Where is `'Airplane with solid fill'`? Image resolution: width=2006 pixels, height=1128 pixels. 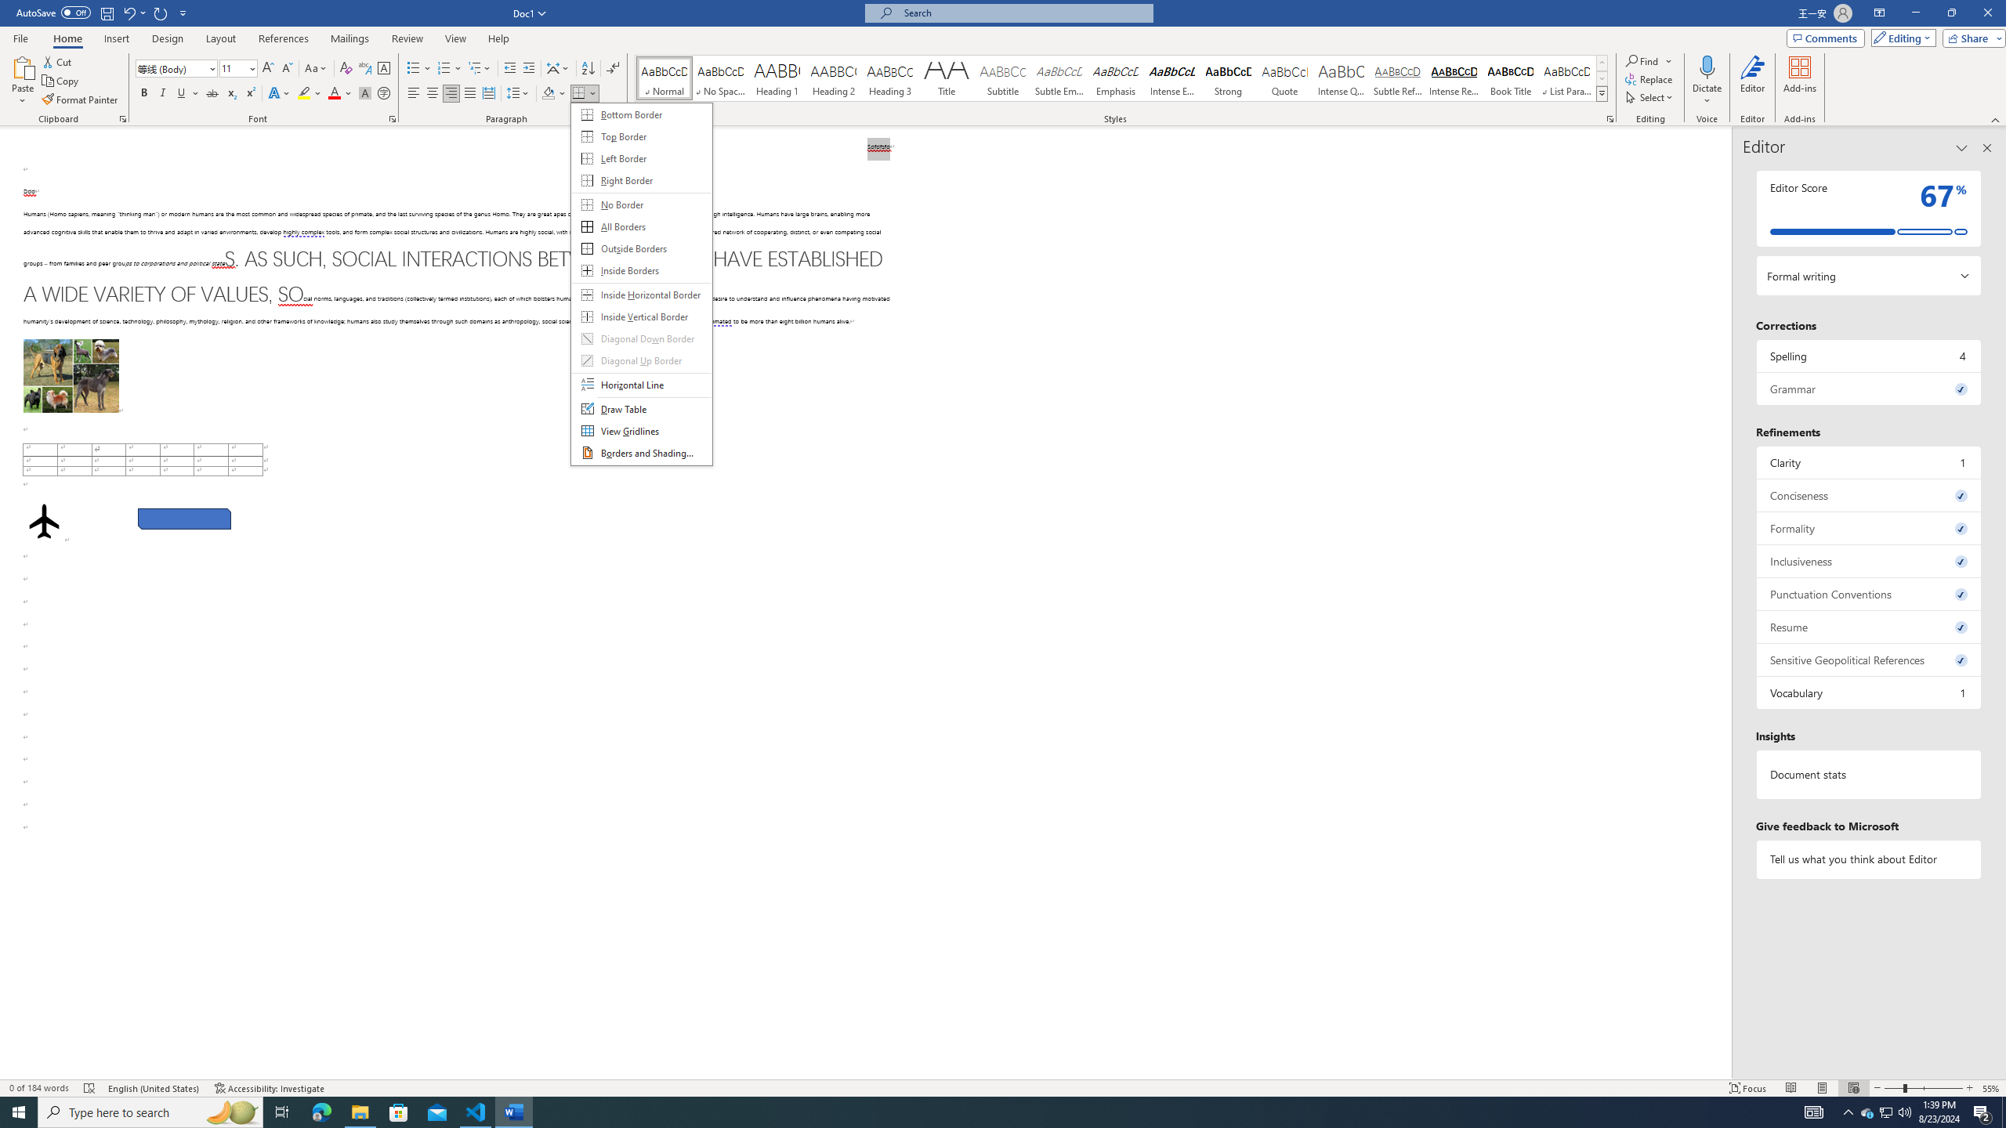
'Airplane with solid fill' is located at coordinates (44, 522).